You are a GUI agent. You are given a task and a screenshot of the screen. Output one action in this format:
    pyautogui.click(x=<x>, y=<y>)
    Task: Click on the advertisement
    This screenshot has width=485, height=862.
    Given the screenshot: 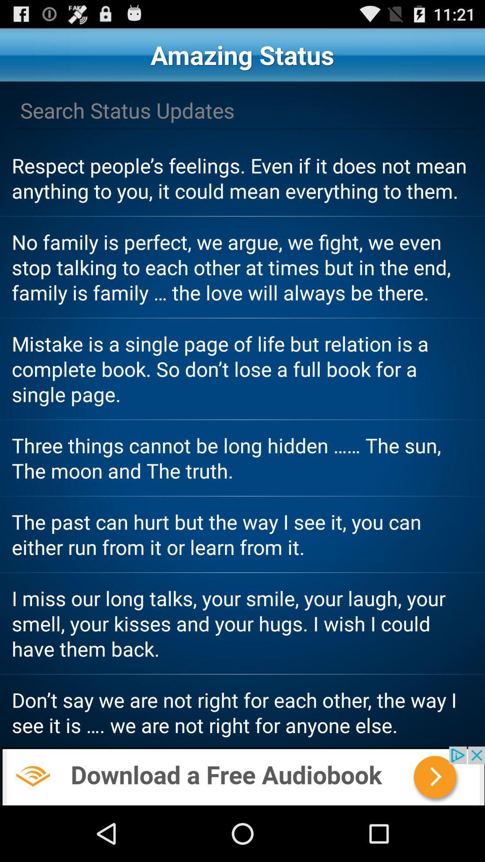 What is the action you would take?
    pyautogui.click(x=242, y=775)
    